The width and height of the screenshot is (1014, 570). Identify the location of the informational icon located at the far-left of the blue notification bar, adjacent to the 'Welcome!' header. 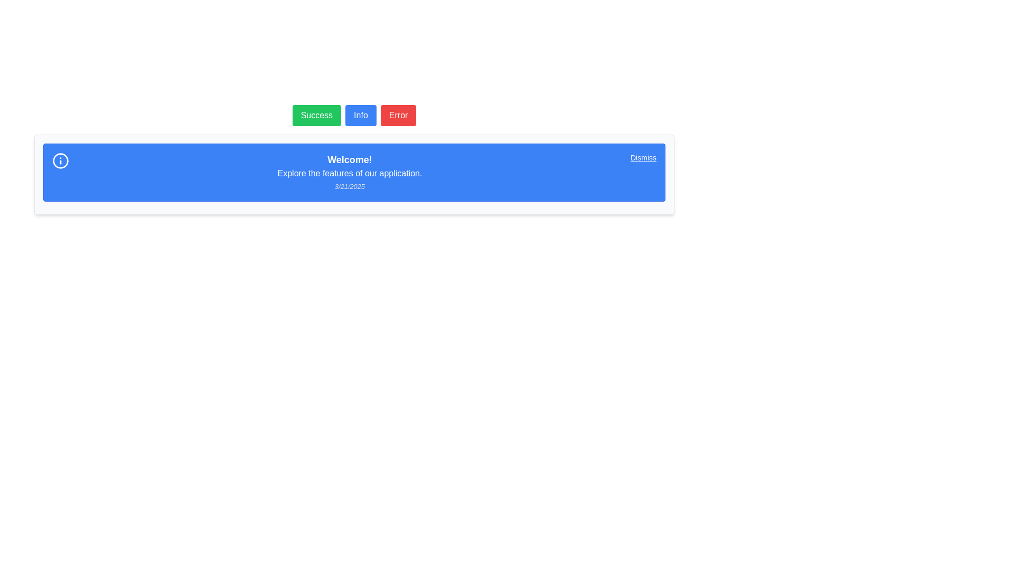
(60, 160).